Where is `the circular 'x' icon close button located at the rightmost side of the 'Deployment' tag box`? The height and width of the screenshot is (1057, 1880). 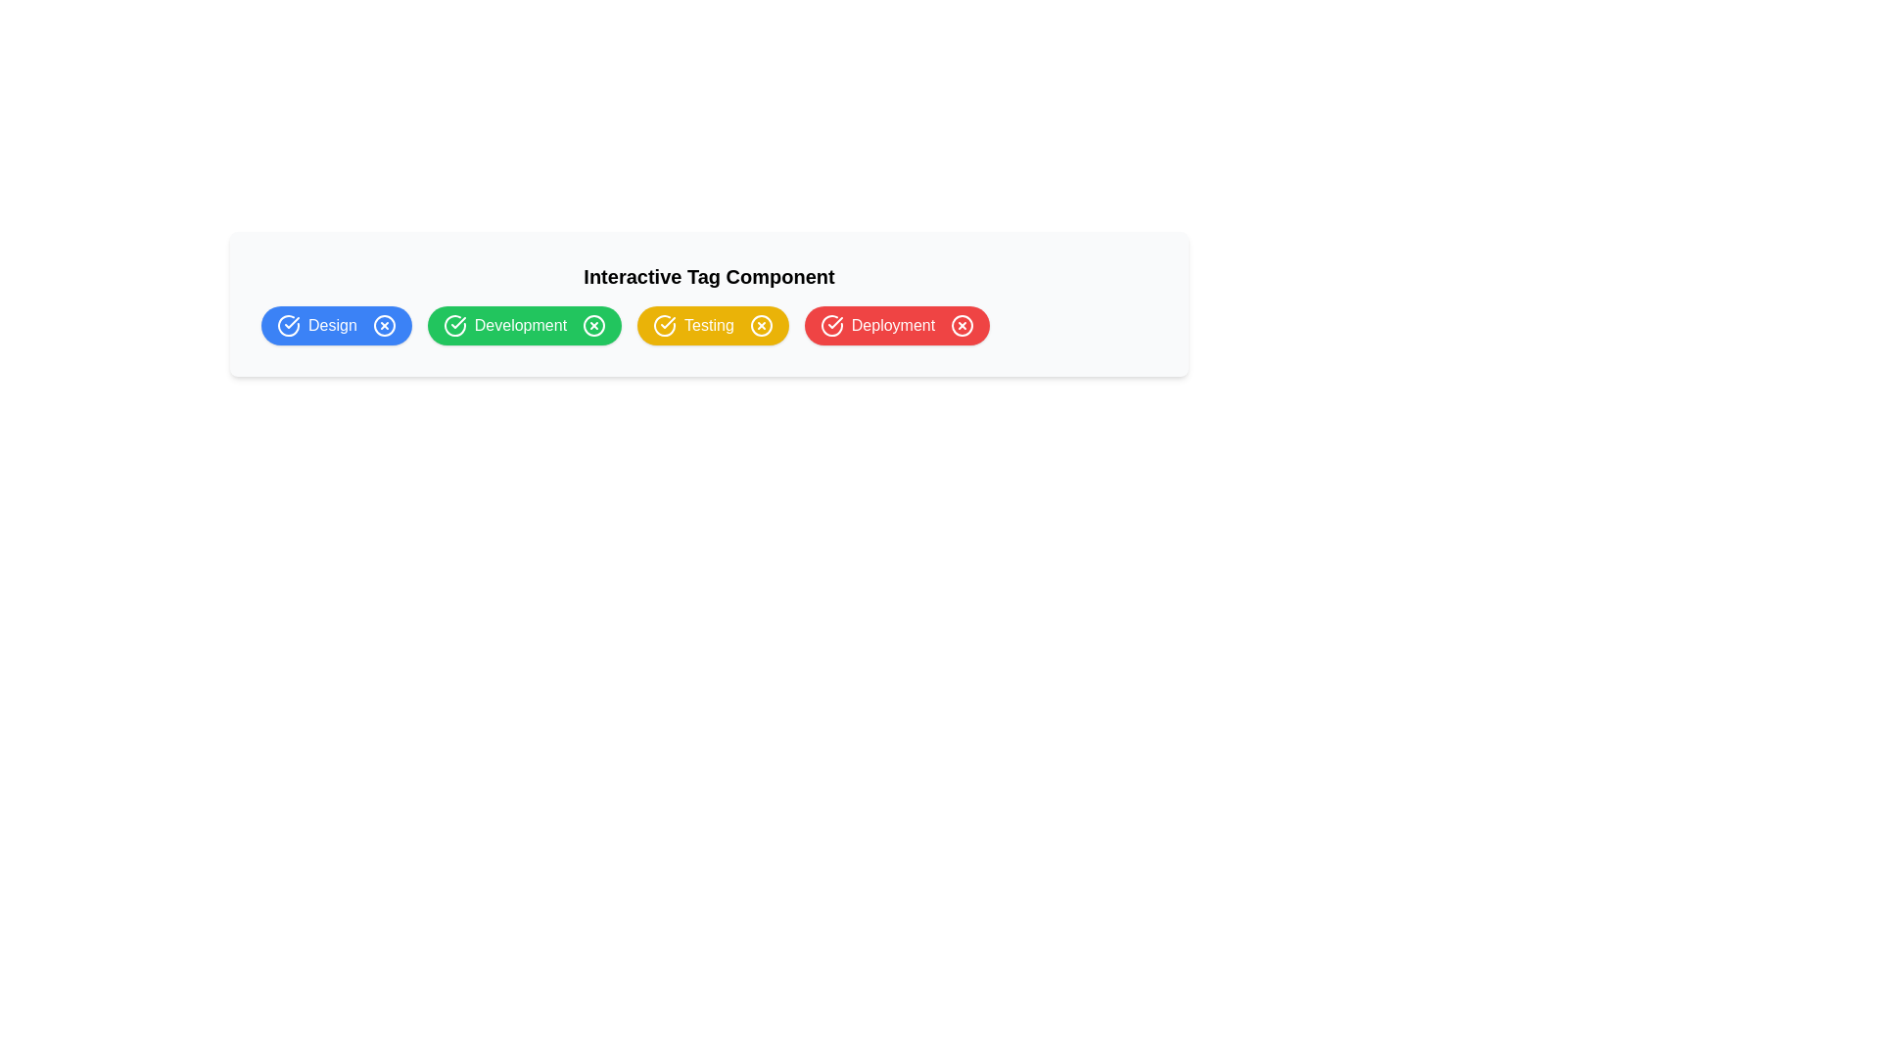 the circular 'x' icon close button located at the rightmost side of the 'Deployment' tag box is located at coordinates (963, 324).